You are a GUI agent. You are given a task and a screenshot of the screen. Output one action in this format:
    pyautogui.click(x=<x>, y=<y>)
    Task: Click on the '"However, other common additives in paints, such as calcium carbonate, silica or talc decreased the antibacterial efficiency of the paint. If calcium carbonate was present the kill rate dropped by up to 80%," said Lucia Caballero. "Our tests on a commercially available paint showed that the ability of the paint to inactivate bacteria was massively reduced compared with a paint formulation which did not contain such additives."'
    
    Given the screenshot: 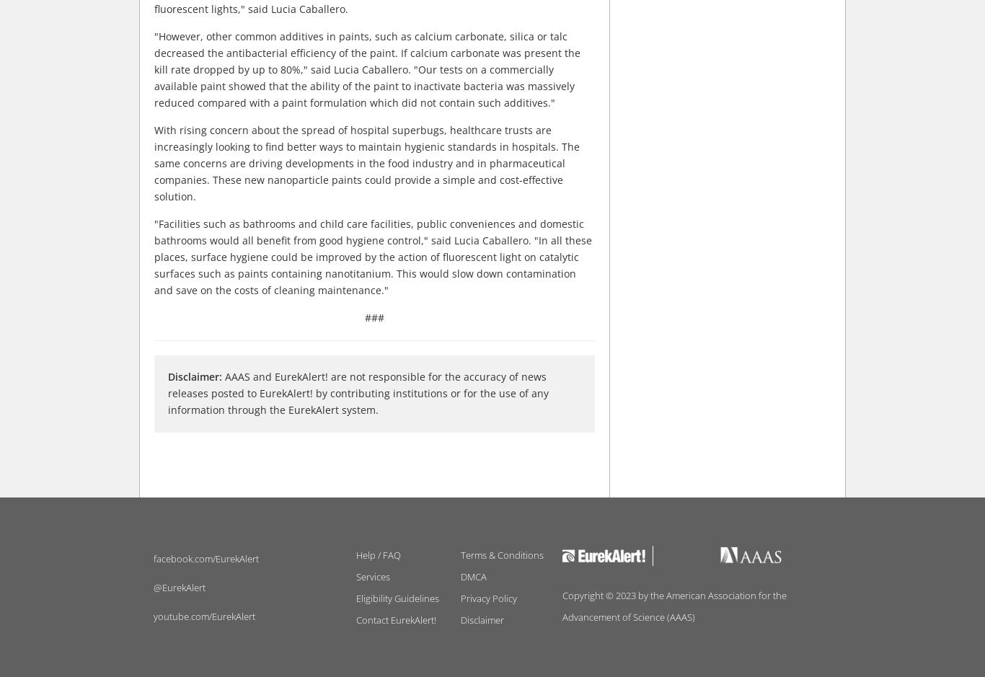 What is the action you would take?
    pyautogui.click(x=367, y=68)
    